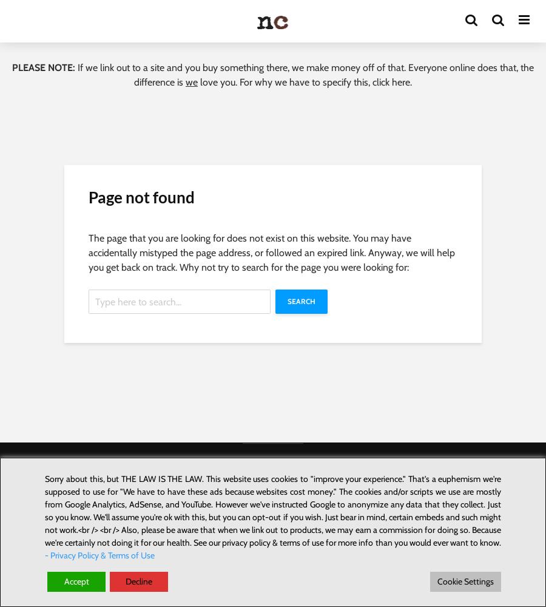  Describe the element at coordinates (300, 300) in the screenshot. I see `'Search'` at that location.